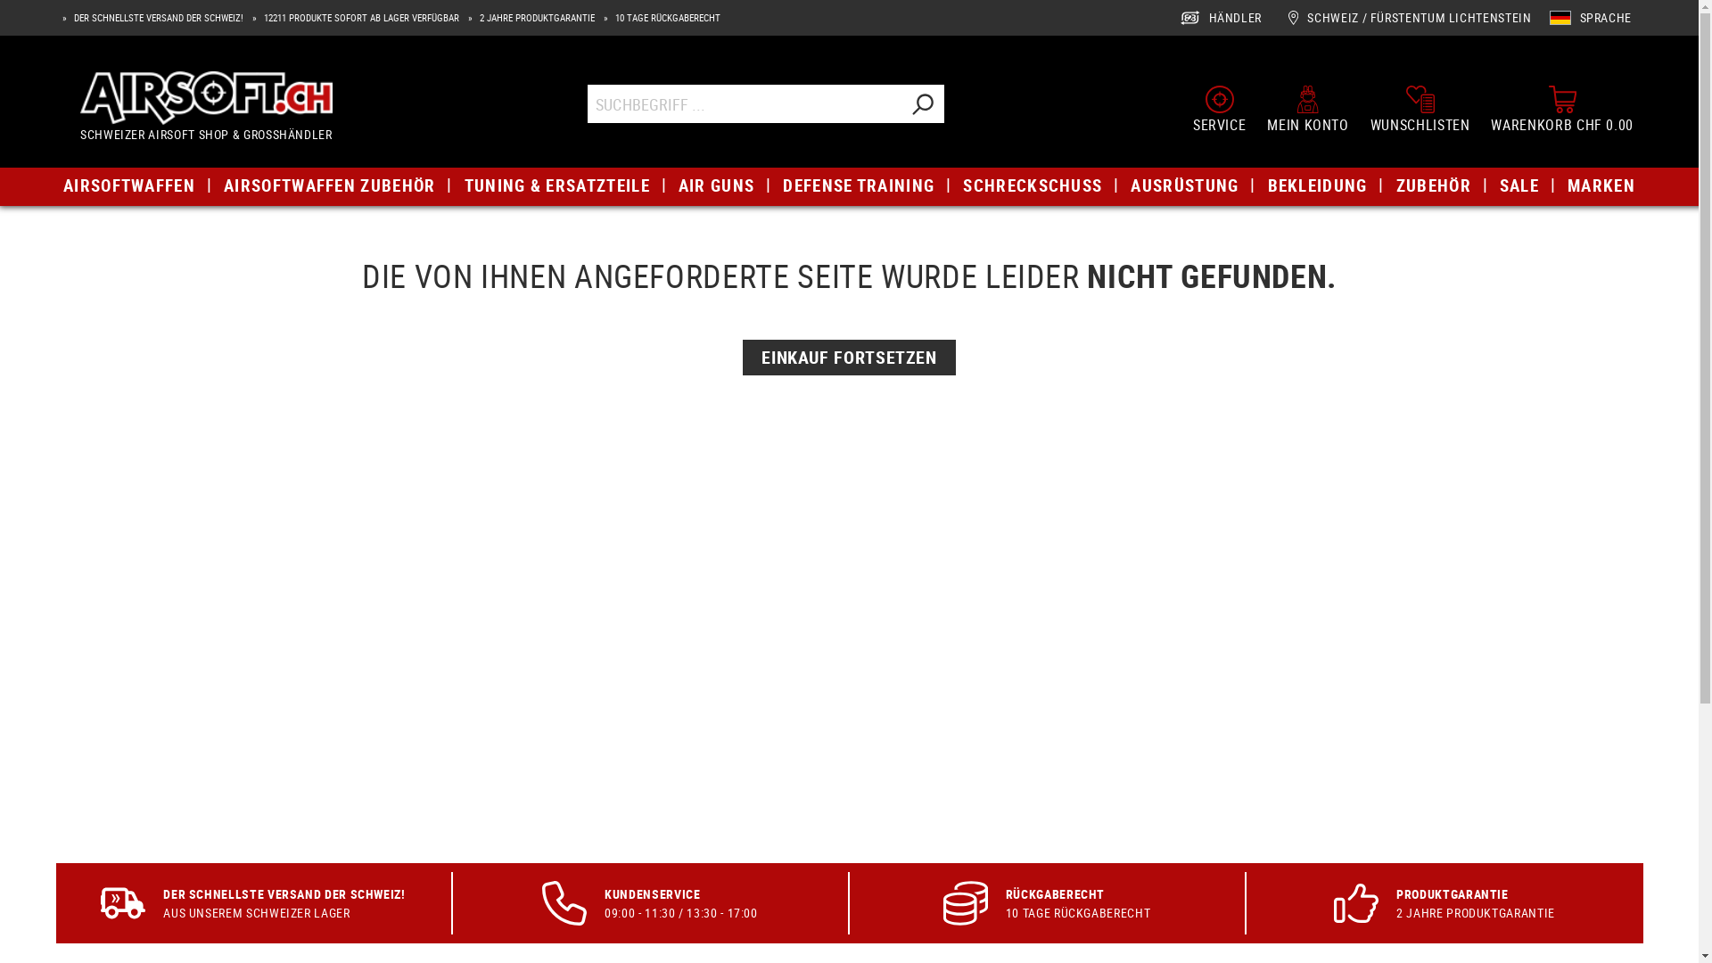  I want to click on 'TUNING & ERSATZTEILE', so click(556, 185).